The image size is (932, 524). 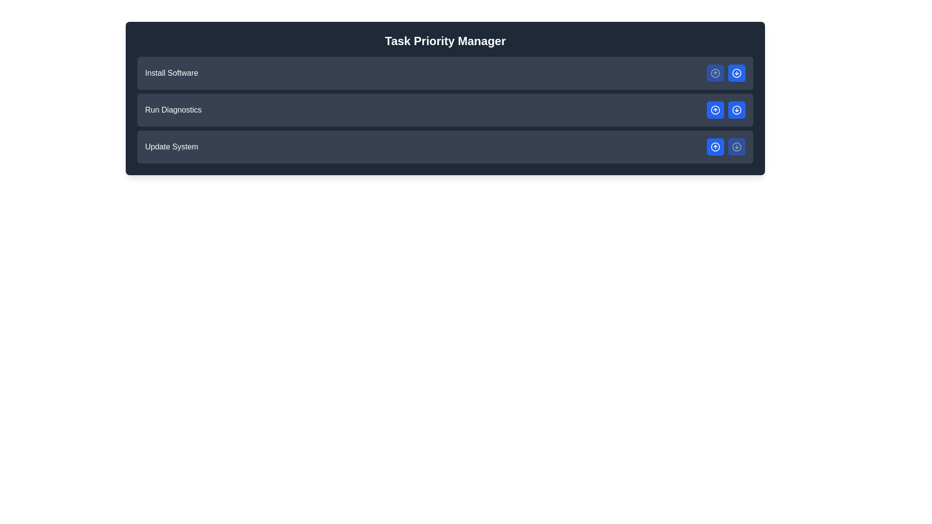 I want to click on the minimalistic circular icon with a downward arrow, located on the rightmost side of the second row in a task management interface, so click(x=736, y=72).